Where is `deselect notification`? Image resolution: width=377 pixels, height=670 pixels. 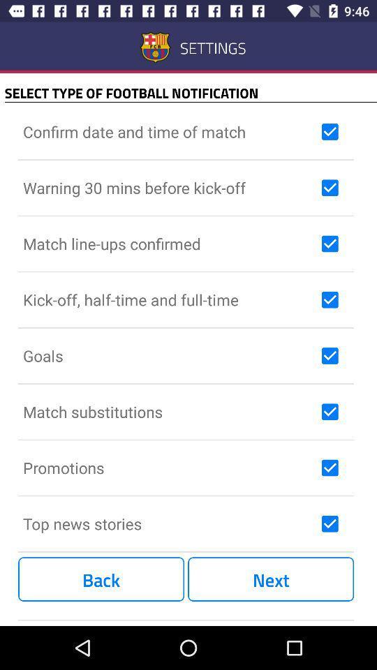 deselect notification is located at coordinates (330, 244).